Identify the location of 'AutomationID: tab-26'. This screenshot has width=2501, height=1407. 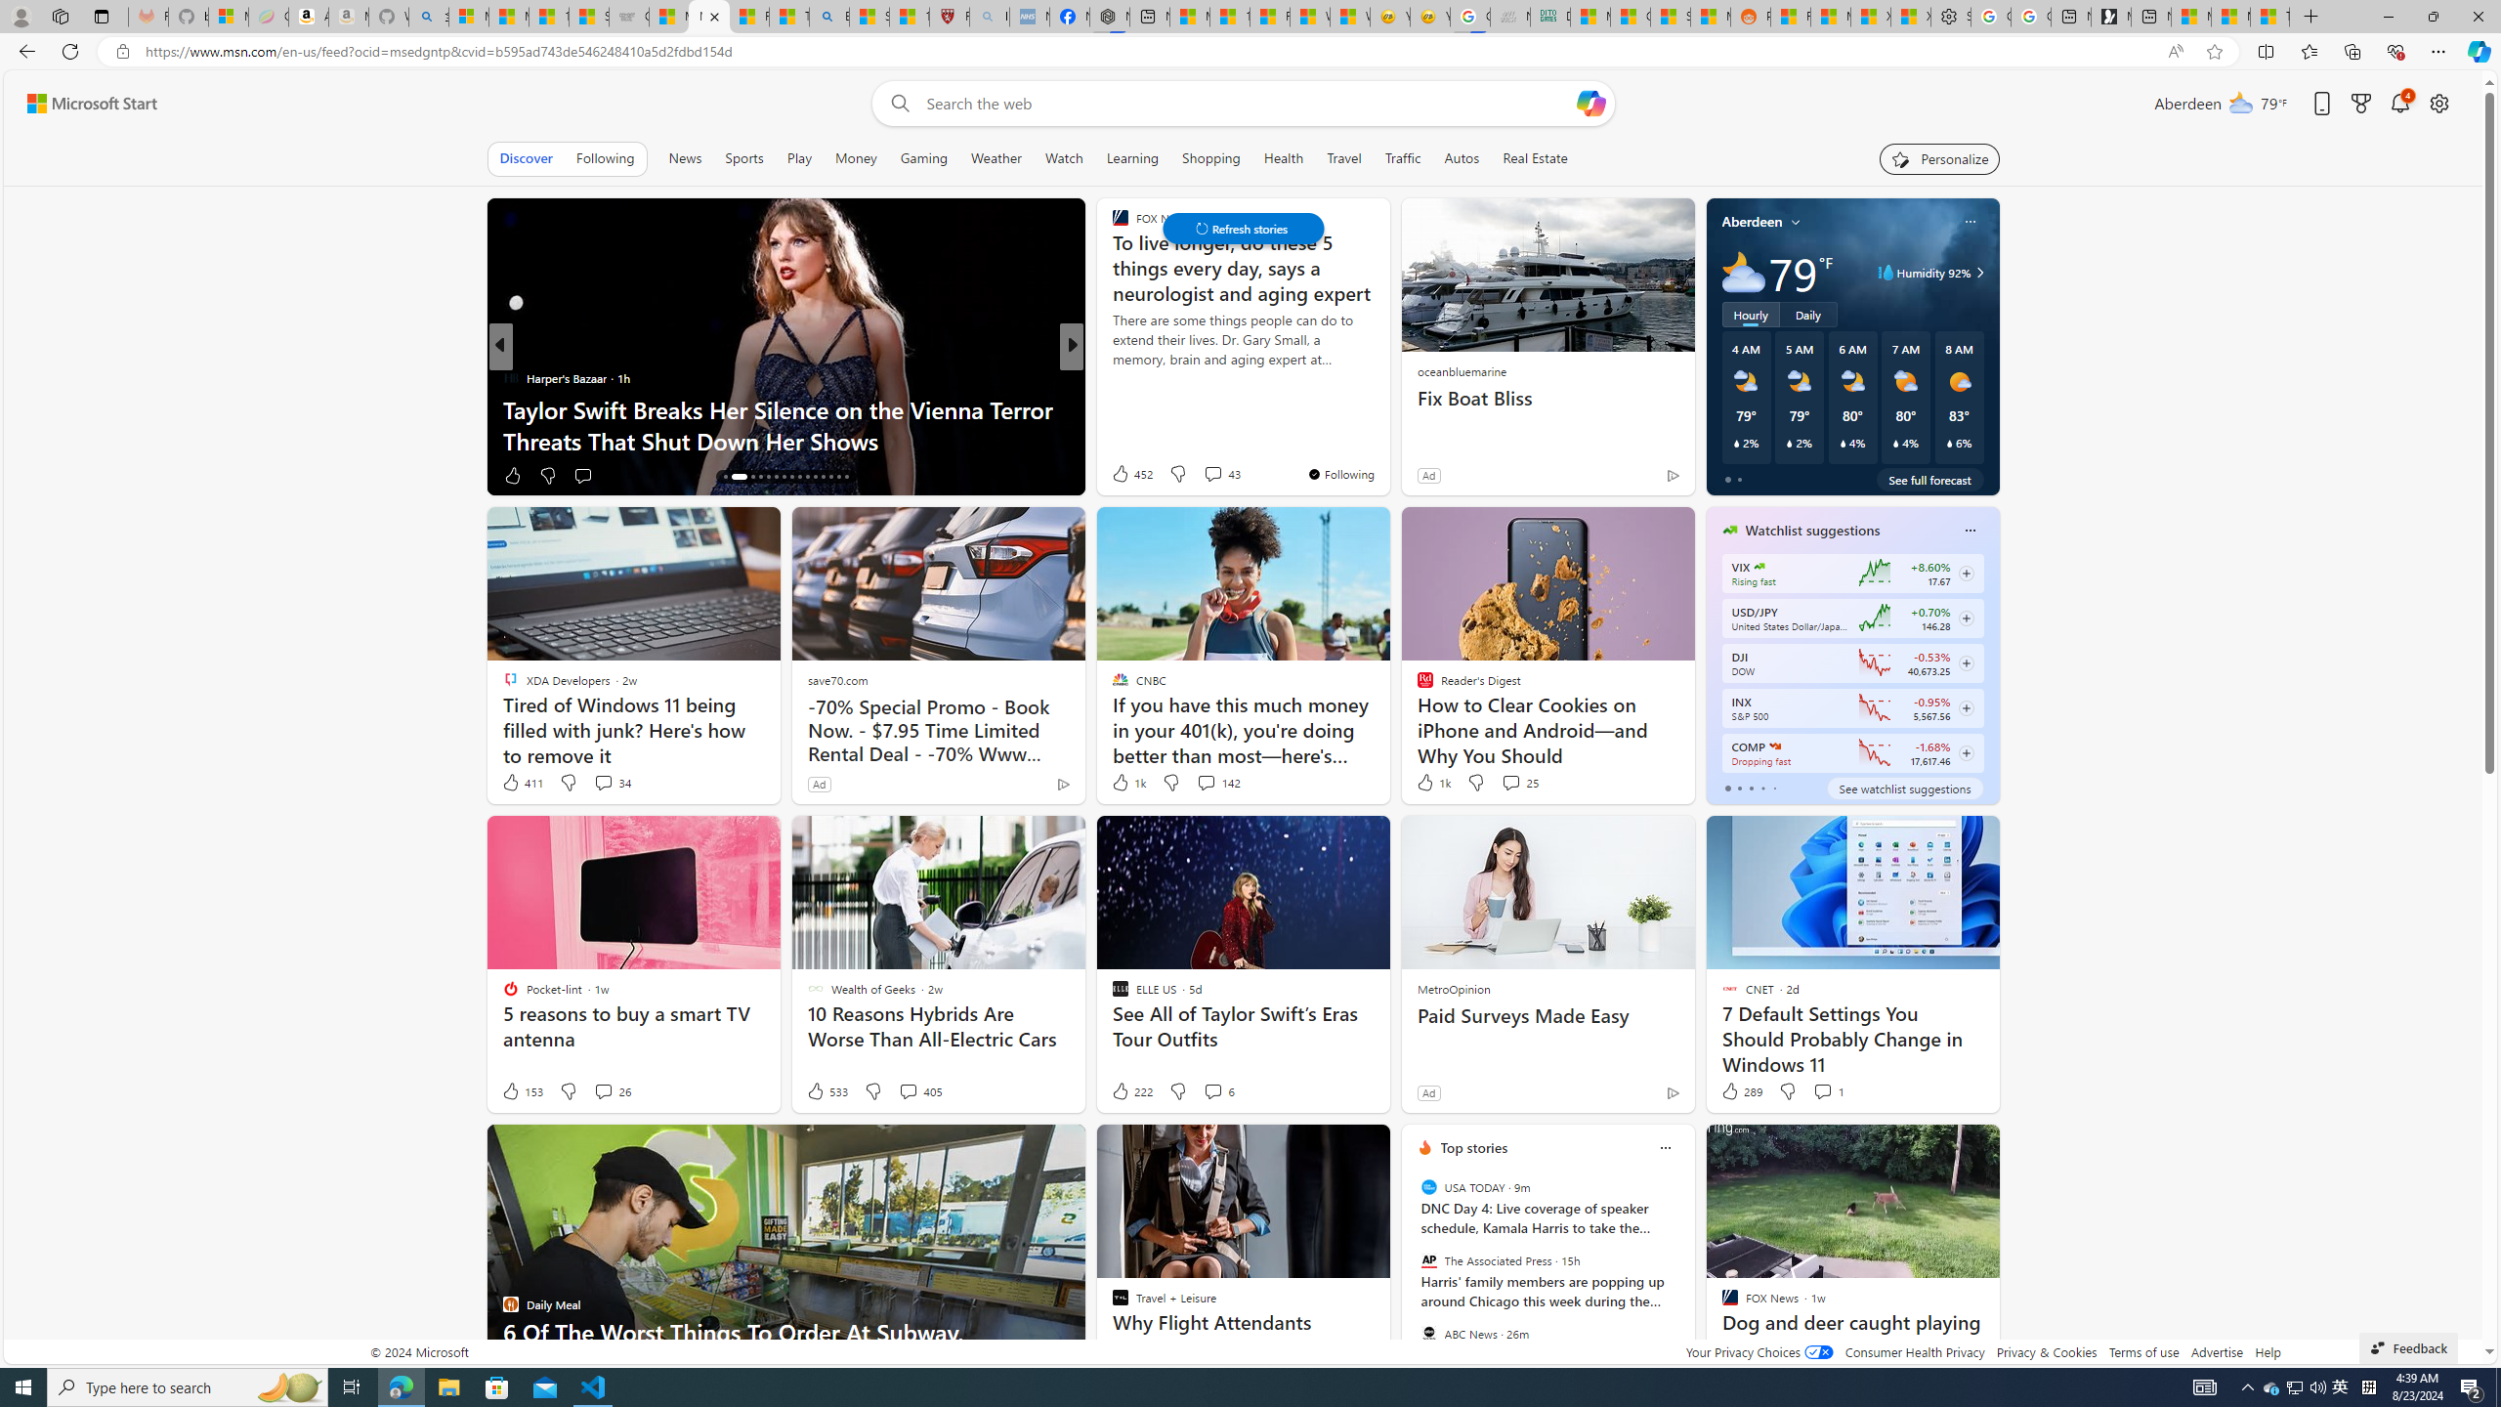
(814, 476).